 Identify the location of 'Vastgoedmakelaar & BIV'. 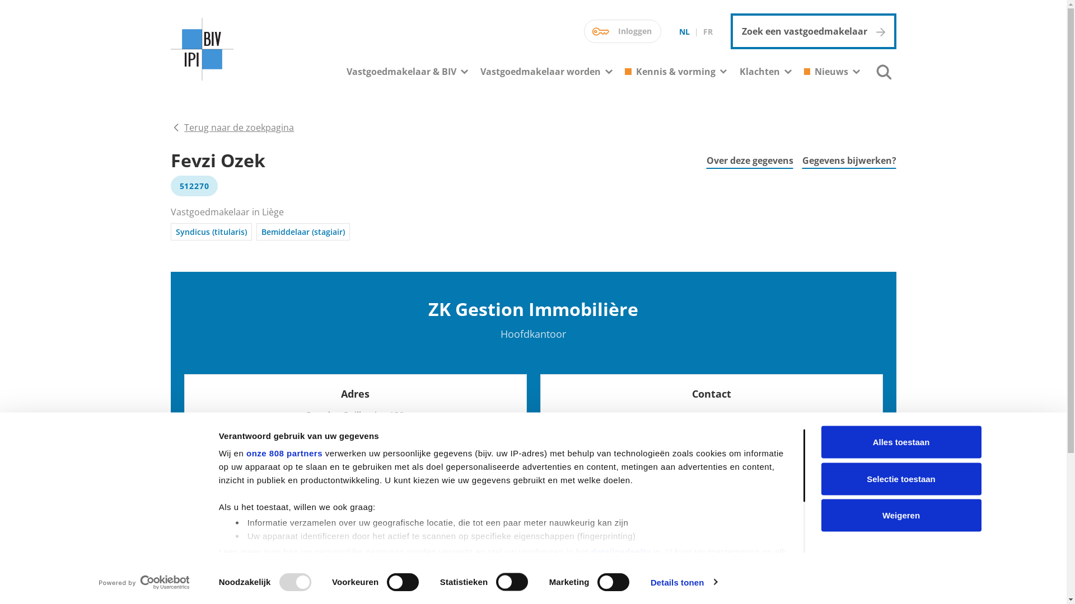
(401, 71).